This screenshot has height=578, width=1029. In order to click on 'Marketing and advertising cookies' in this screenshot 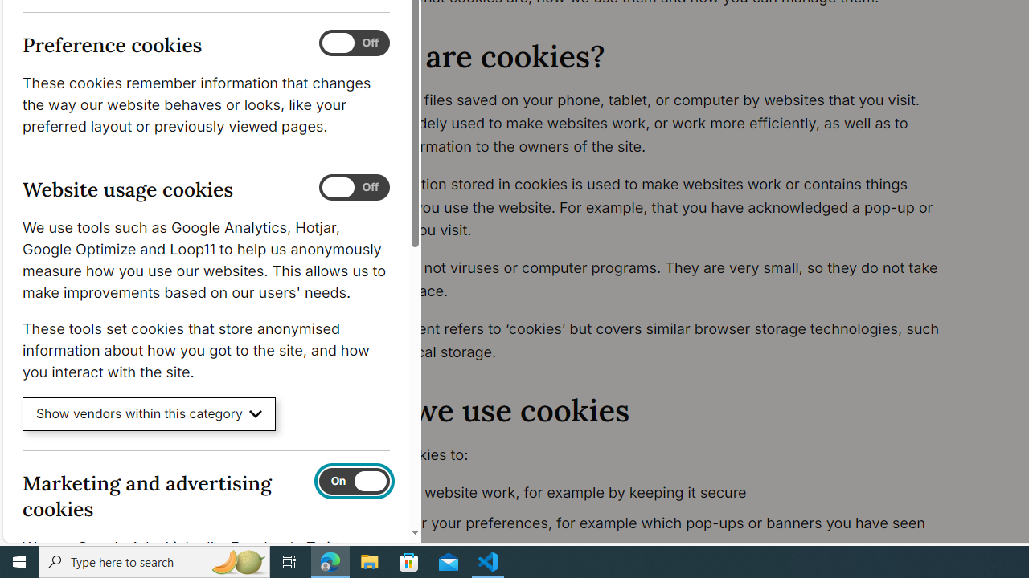, I will do `click(353, 480)`.